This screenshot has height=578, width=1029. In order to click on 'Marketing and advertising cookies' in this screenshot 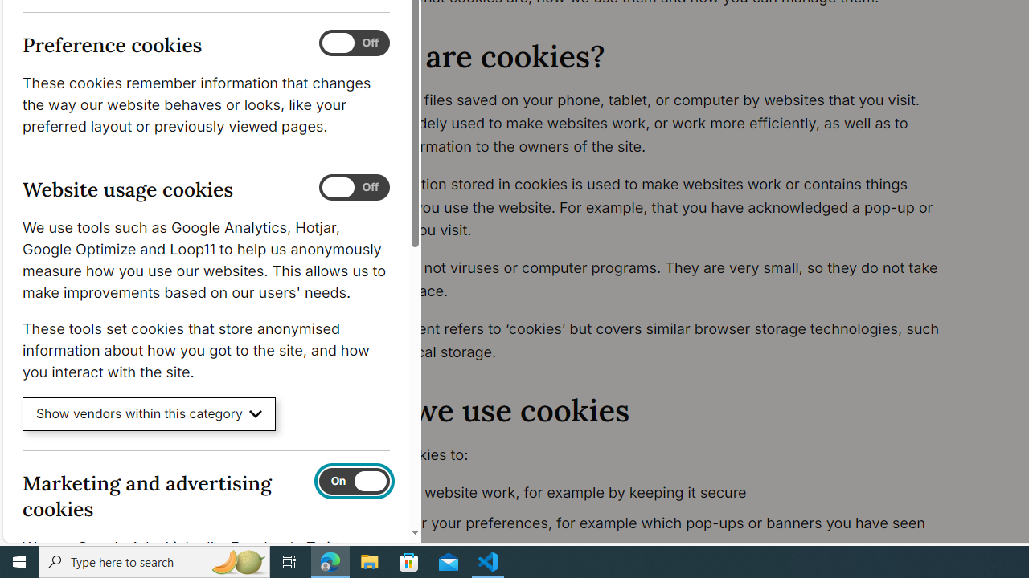, I will do `click(353, 480)`.